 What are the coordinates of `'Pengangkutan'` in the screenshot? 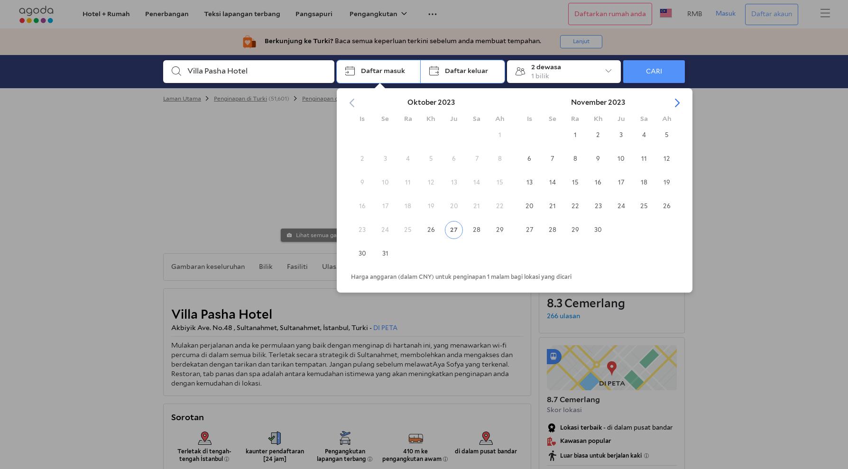 It's located at (373, 13).